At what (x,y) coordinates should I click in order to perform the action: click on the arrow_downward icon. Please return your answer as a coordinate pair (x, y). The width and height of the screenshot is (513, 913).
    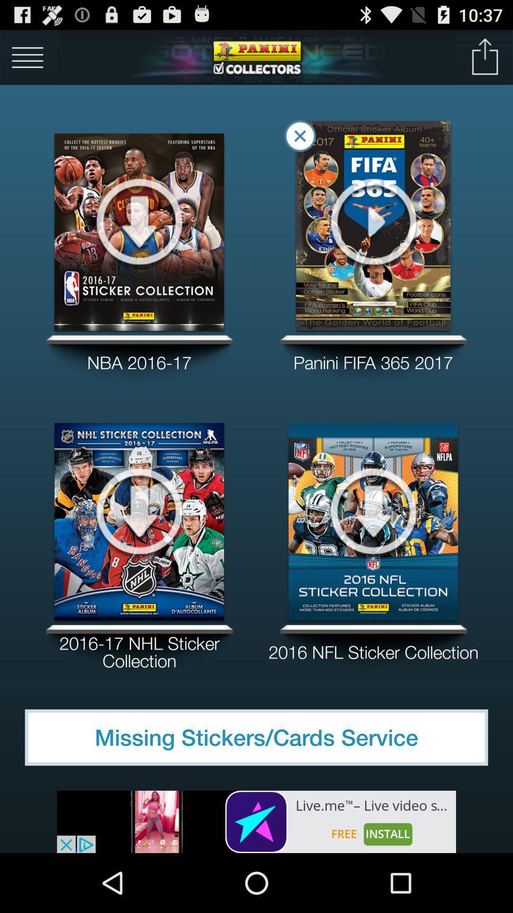
    Looking at the image, I should click on (373, 546).